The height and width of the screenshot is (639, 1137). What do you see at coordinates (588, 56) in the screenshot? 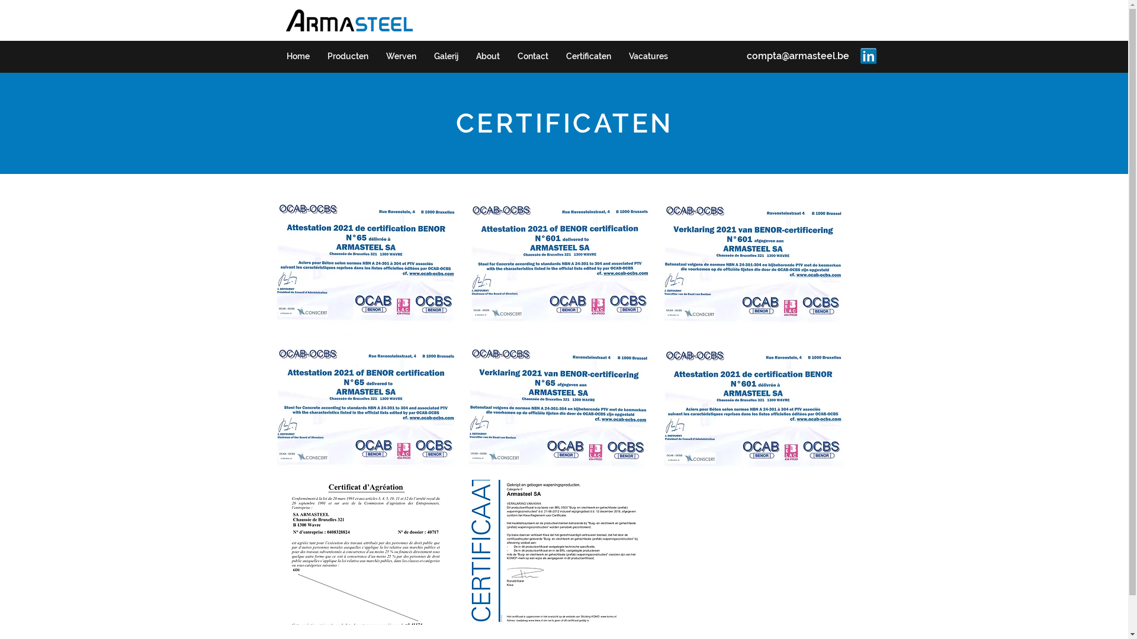
I see `'Certificaten'` at bounding box center [588, 56].